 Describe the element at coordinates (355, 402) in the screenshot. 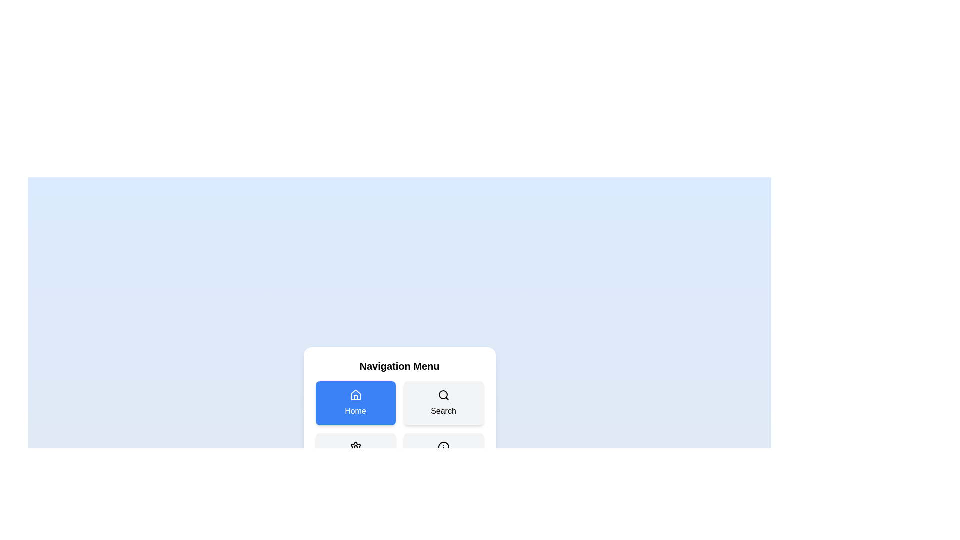

I see `the menu item Home to observe its hover effect` at that location.